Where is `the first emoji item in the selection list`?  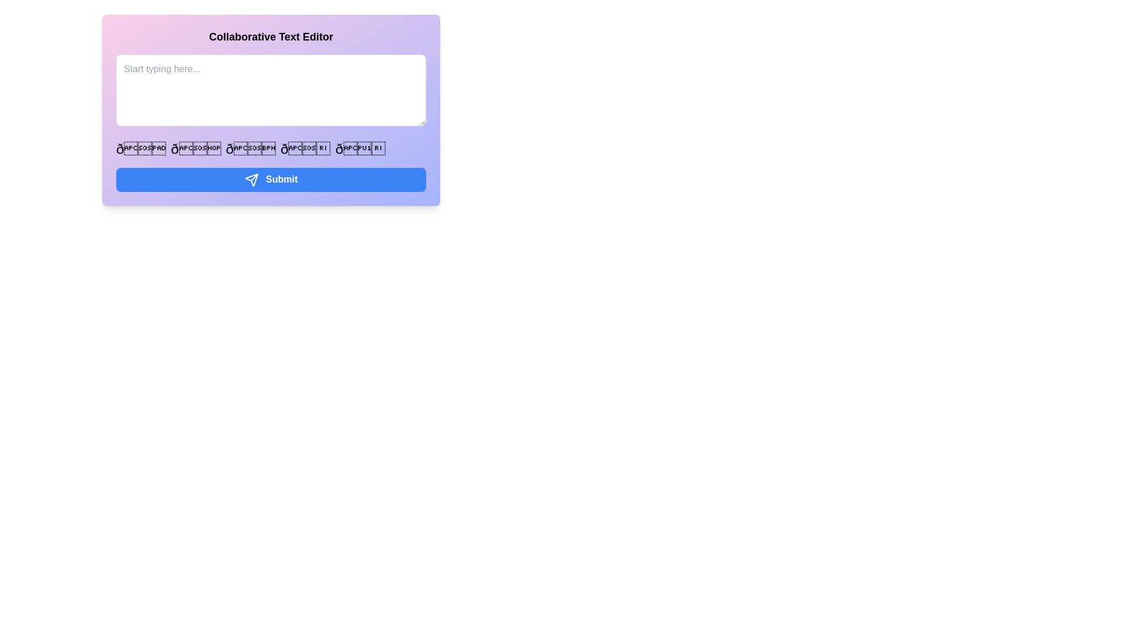 the first emoji item in the selection list is located at coordinates (141, 149).